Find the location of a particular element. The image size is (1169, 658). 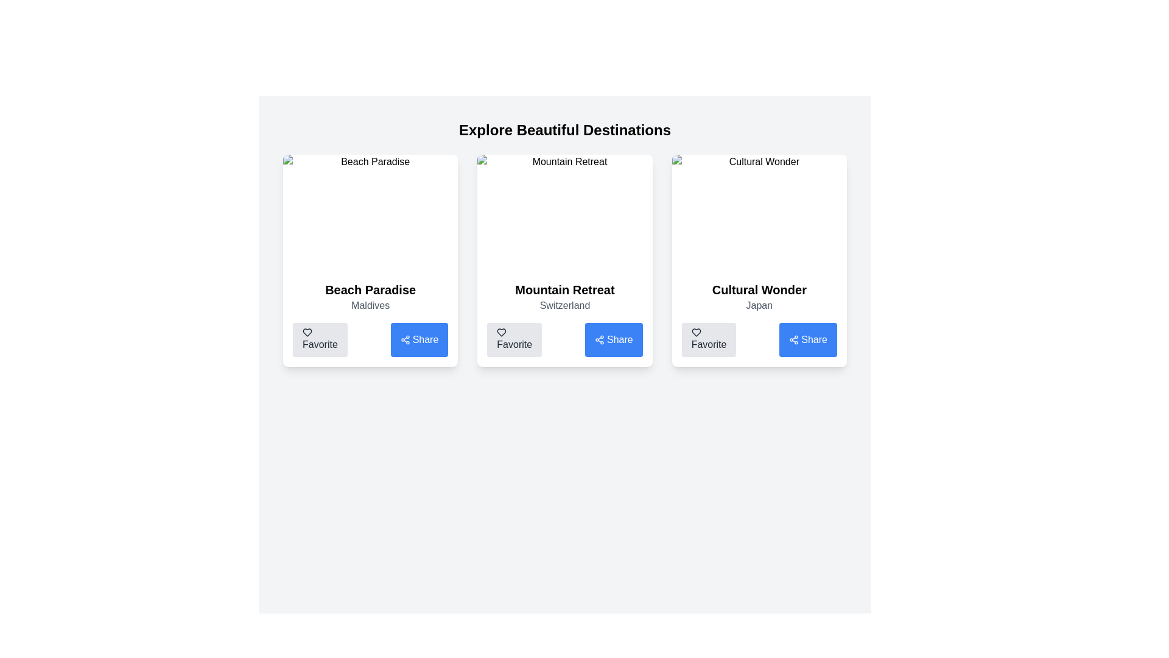

the Text Label displaying 'Japan', which is styled in gray and located below the heading 'Cultural Wonder' is located at coordinates (759, 305).